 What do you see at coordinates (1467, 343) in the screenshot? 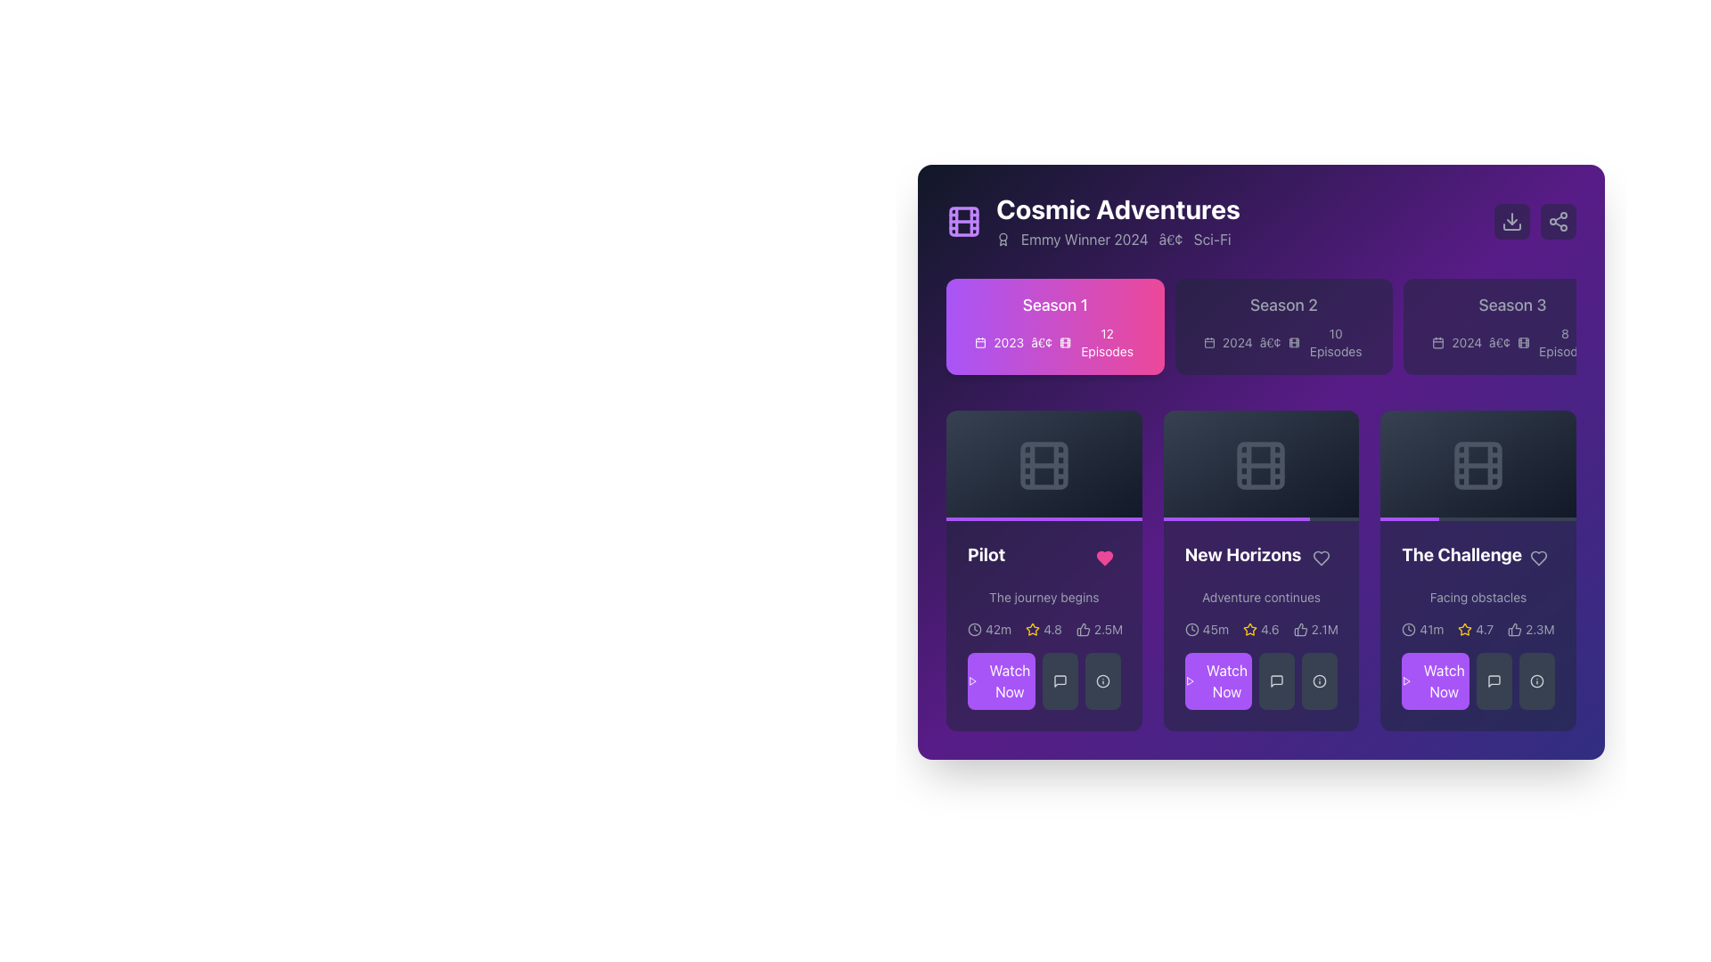
I see `the text label indicating the release year for Season 3, located to the right of the calendar icon, to identify relevant information` at bounding box center [1467, 343].